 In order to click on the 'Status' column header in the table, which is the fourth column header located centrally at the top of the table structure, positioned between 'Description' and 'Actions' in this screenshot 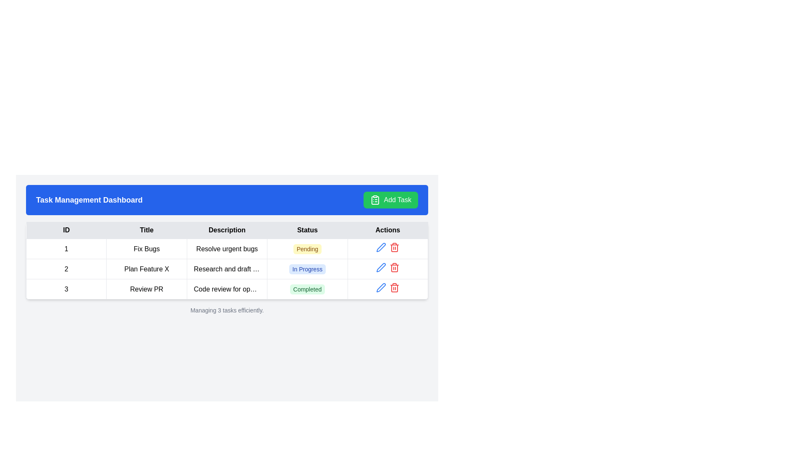, I will do `click(307, 230)`.